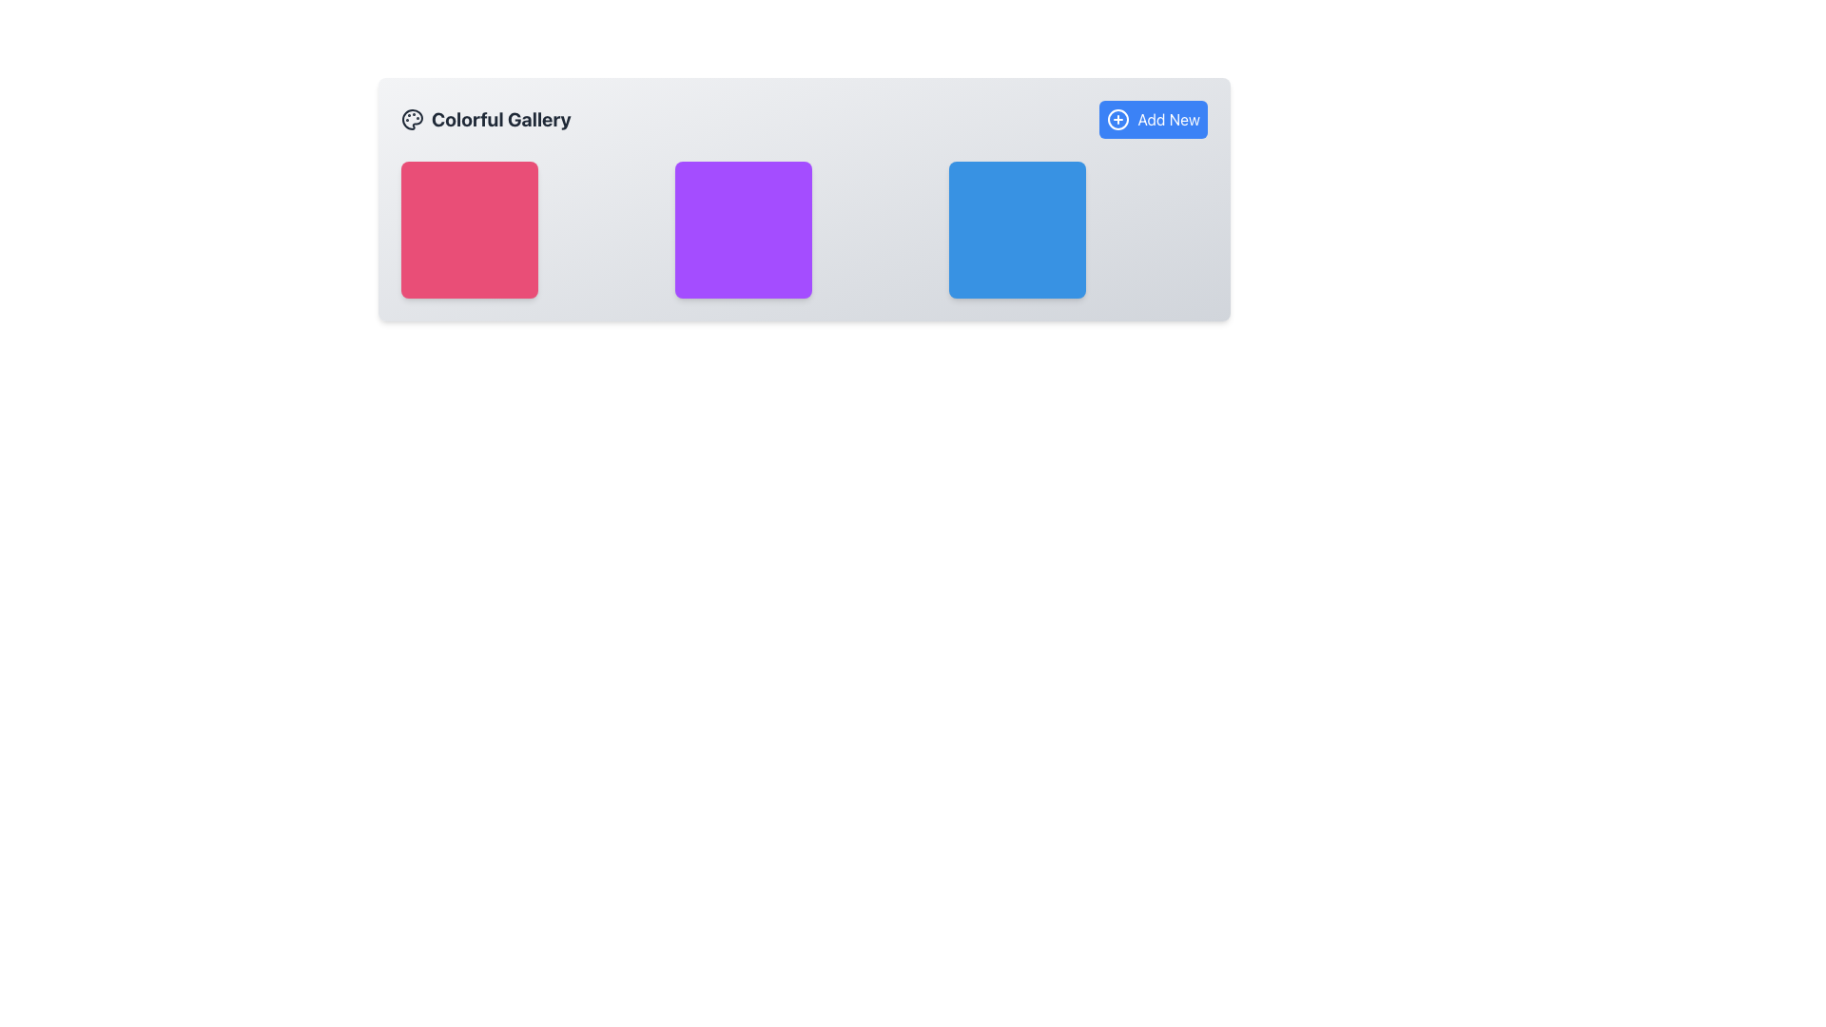 The height and width of the screenshot is (1027, 1826). Describe the element at coordinates (804, 229) in the screenshot. I see `the second square graphic box in the grid` at that location.